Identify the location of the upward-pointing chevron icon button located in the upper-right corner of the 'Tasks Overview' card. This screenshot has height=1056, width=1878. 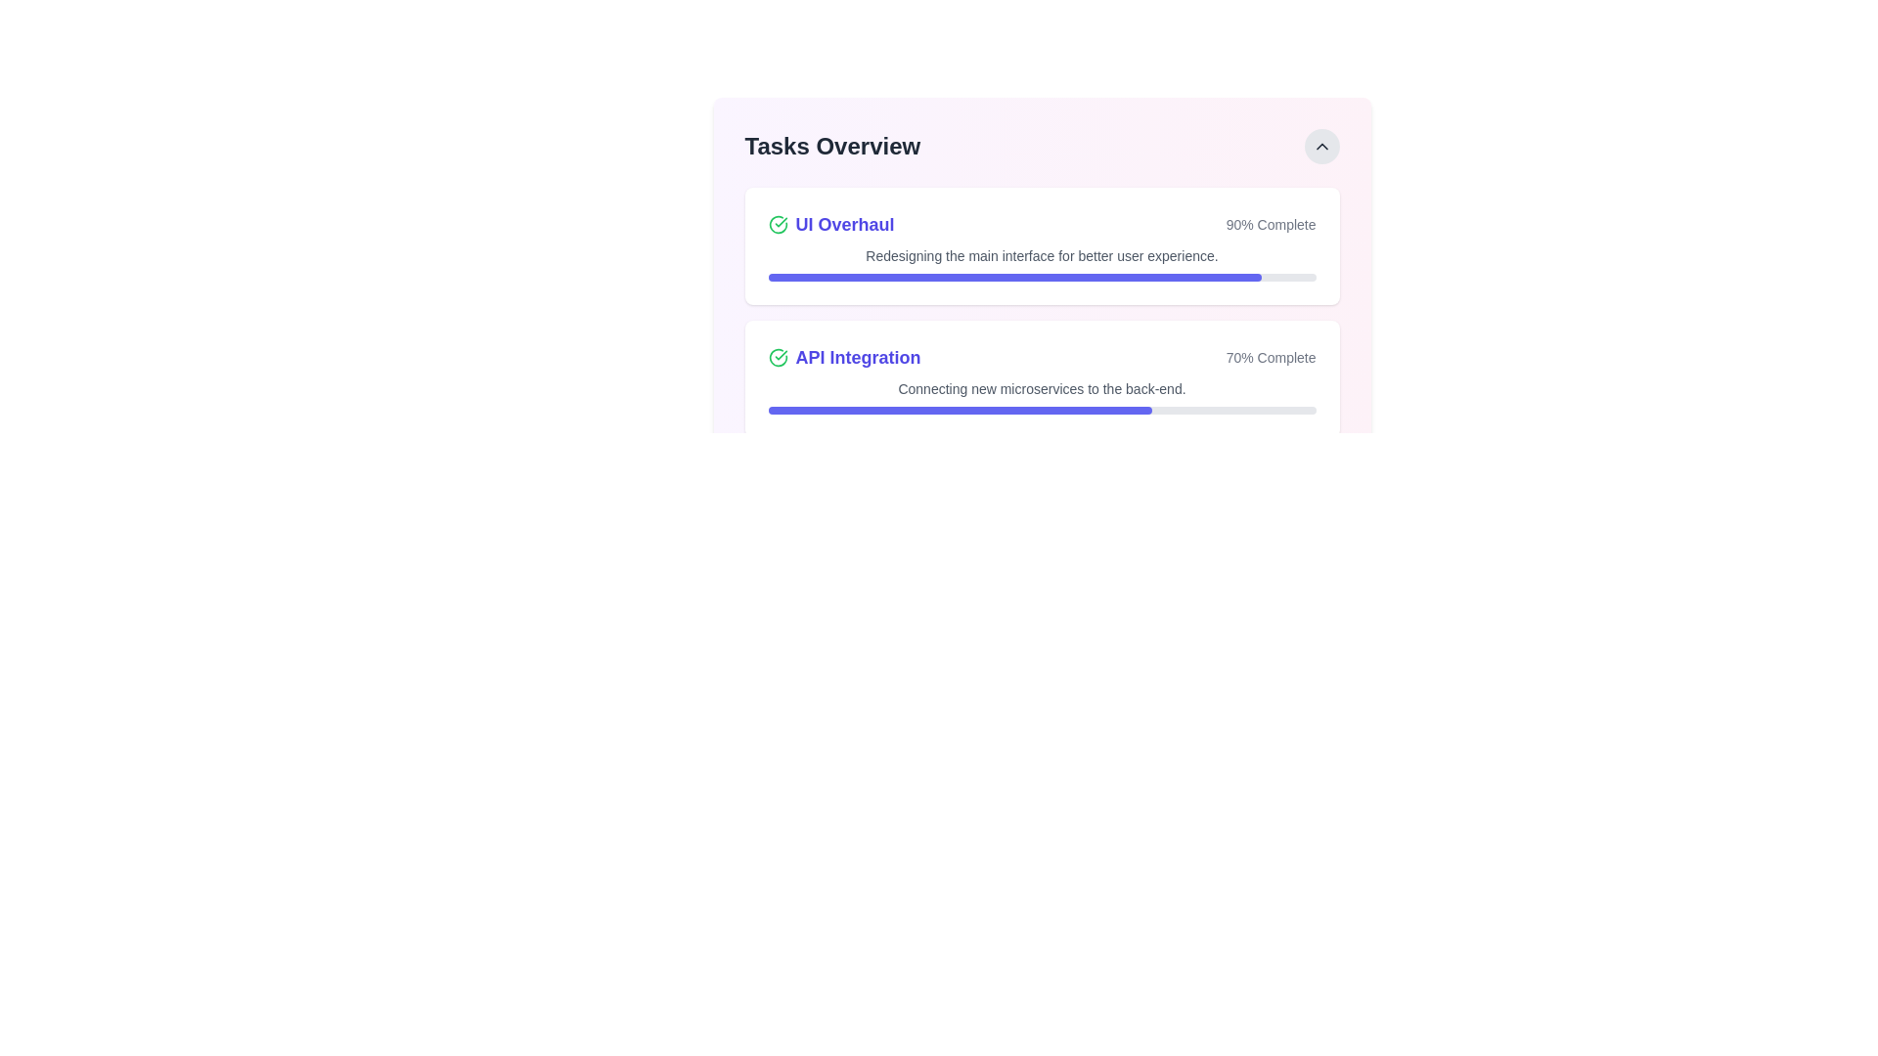
(1321, 146).